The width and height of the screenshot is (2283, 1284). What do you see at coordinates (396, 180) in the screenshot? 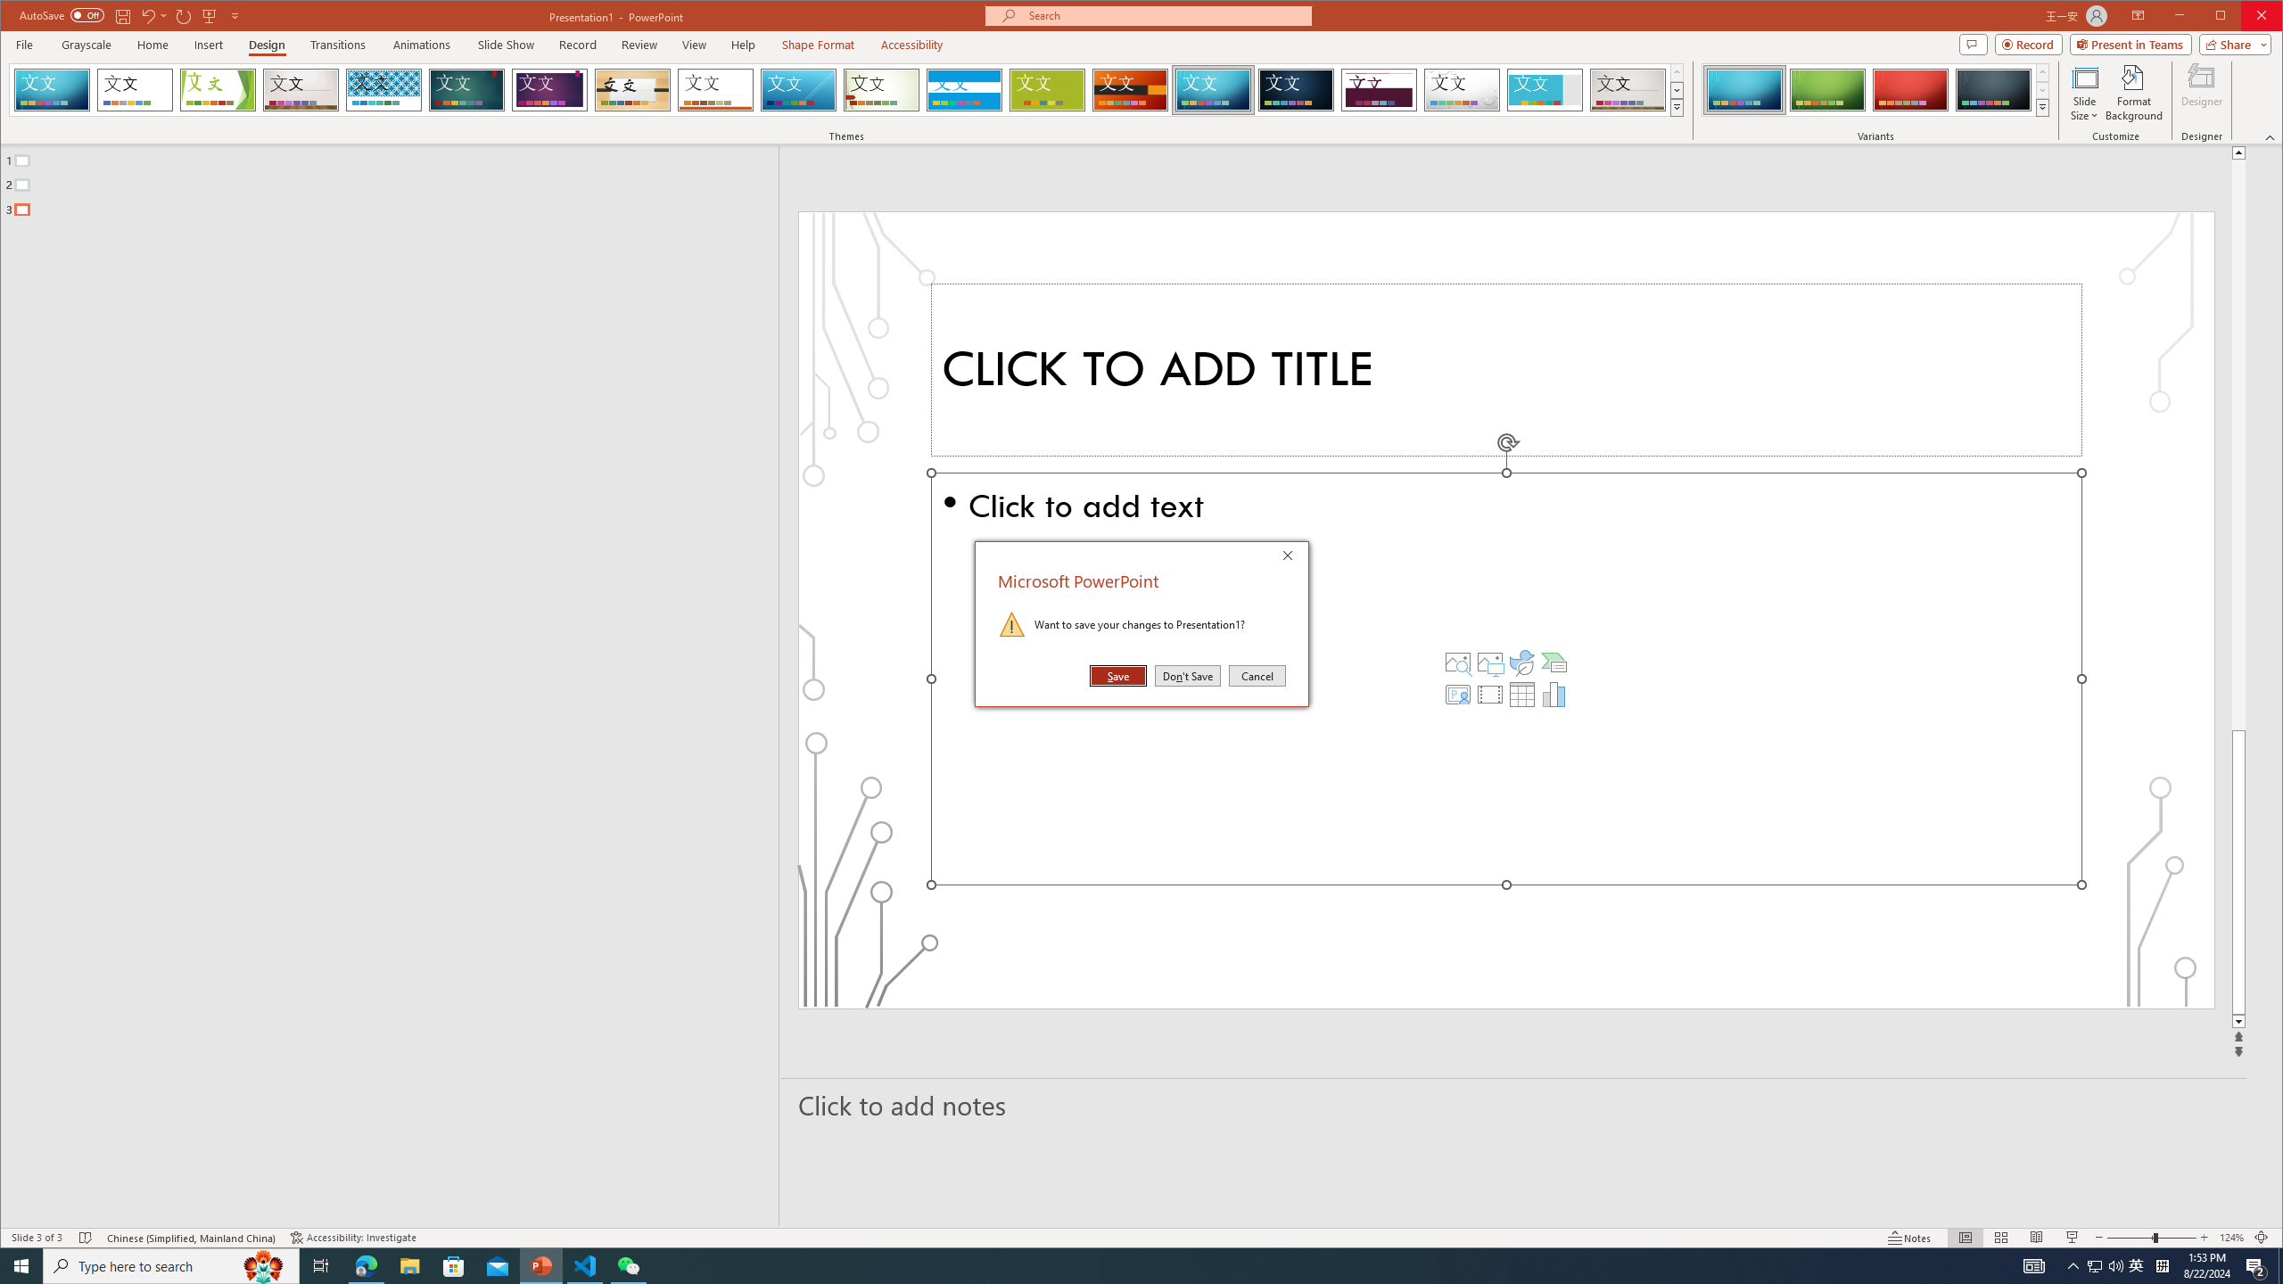
I see `'Outline'` at bounding box center [396, 180].